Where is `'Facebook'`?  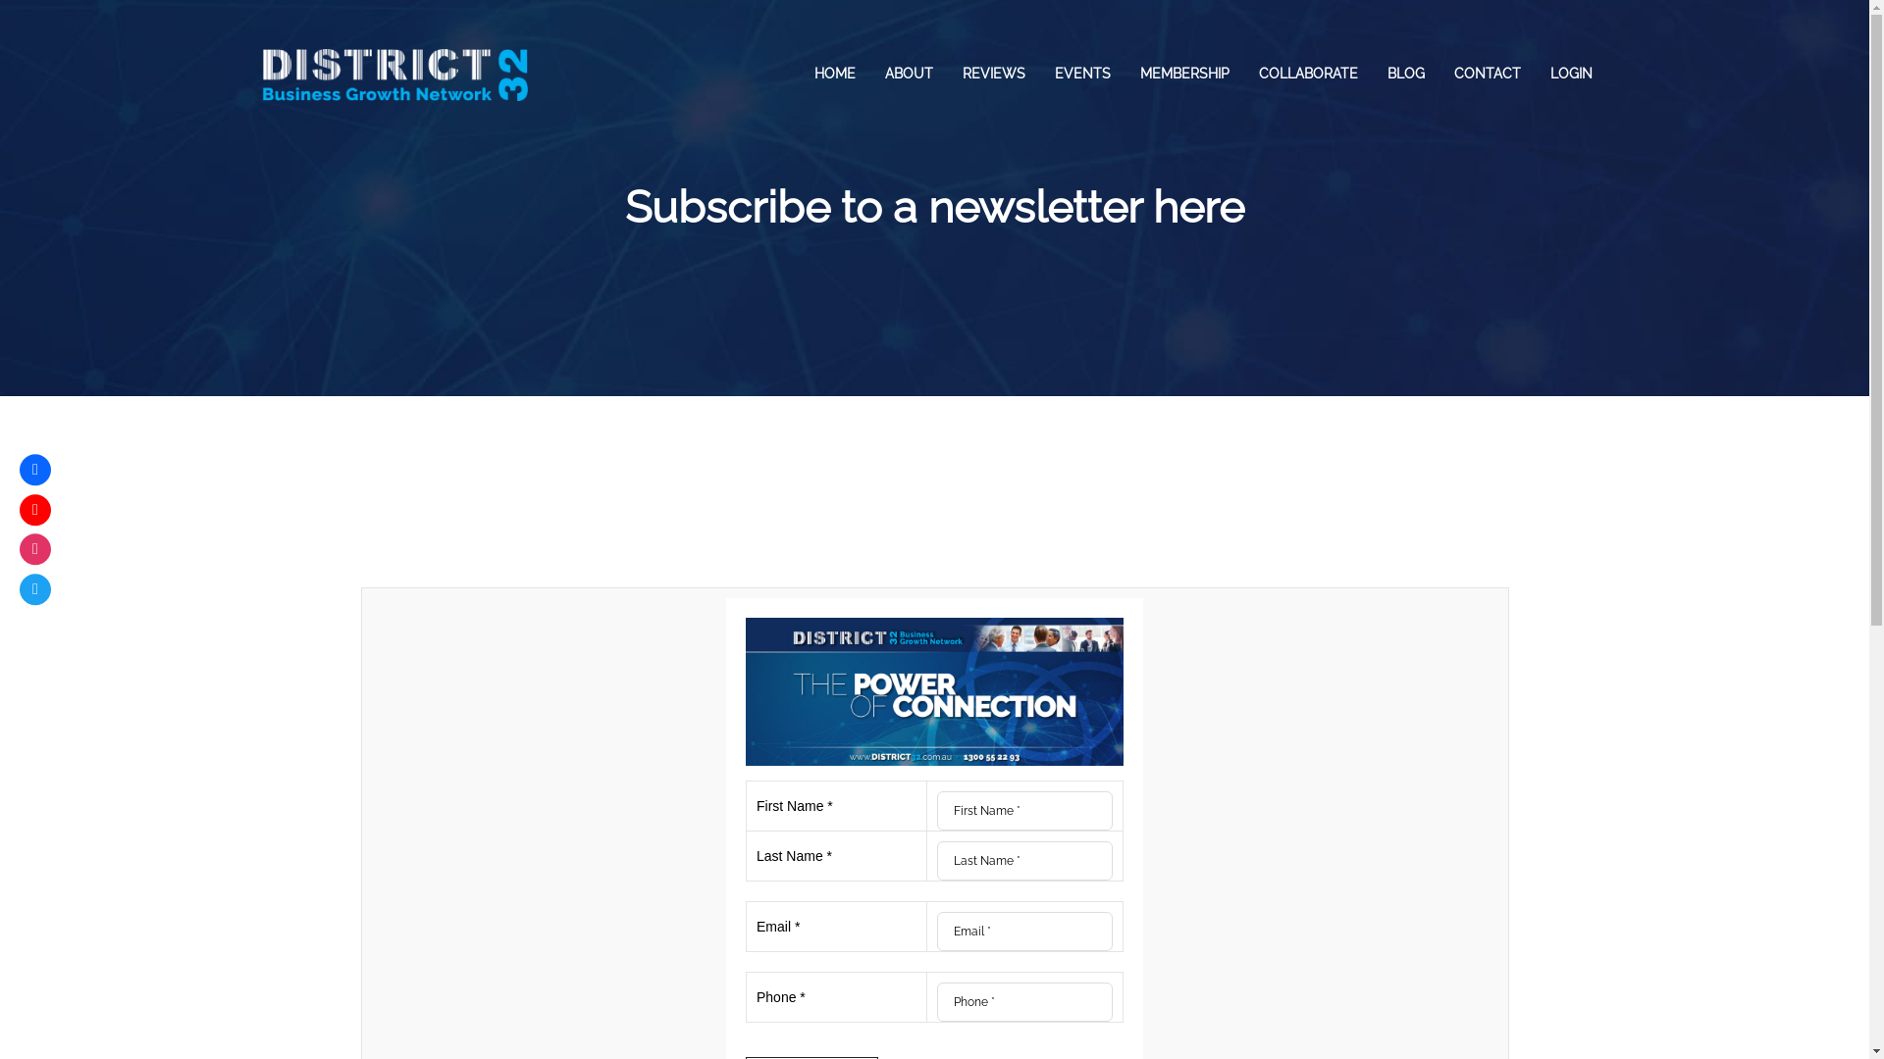 'Facebook' is located at coordinates (34, 469).